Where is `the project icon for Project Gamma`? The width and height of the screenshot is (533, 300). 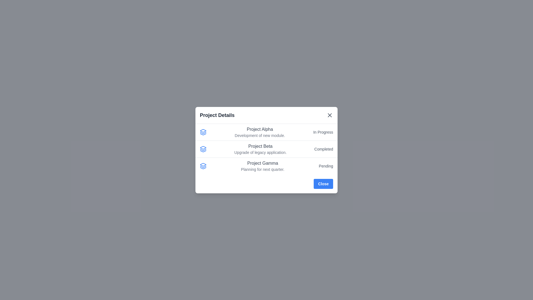
the project icon for Project Gamma is located at coordinates (203, 166).